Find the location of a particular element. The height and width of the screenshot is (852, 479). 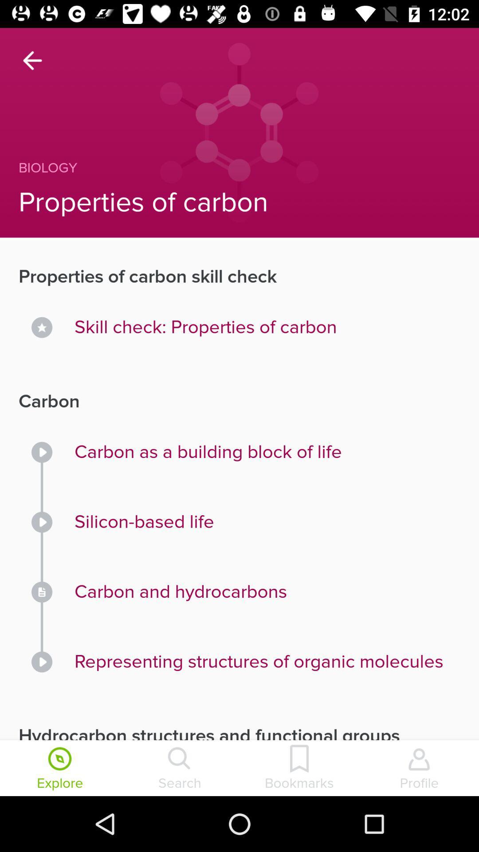

search icon is located at coordinates (180, 769).